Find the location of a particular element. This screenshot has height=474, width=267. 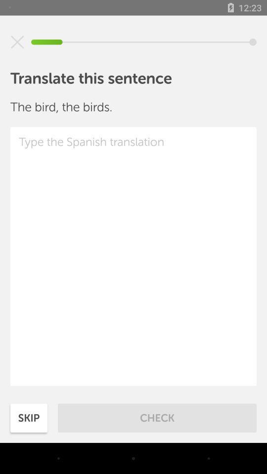

check icon is located at coordinates (157, 417).